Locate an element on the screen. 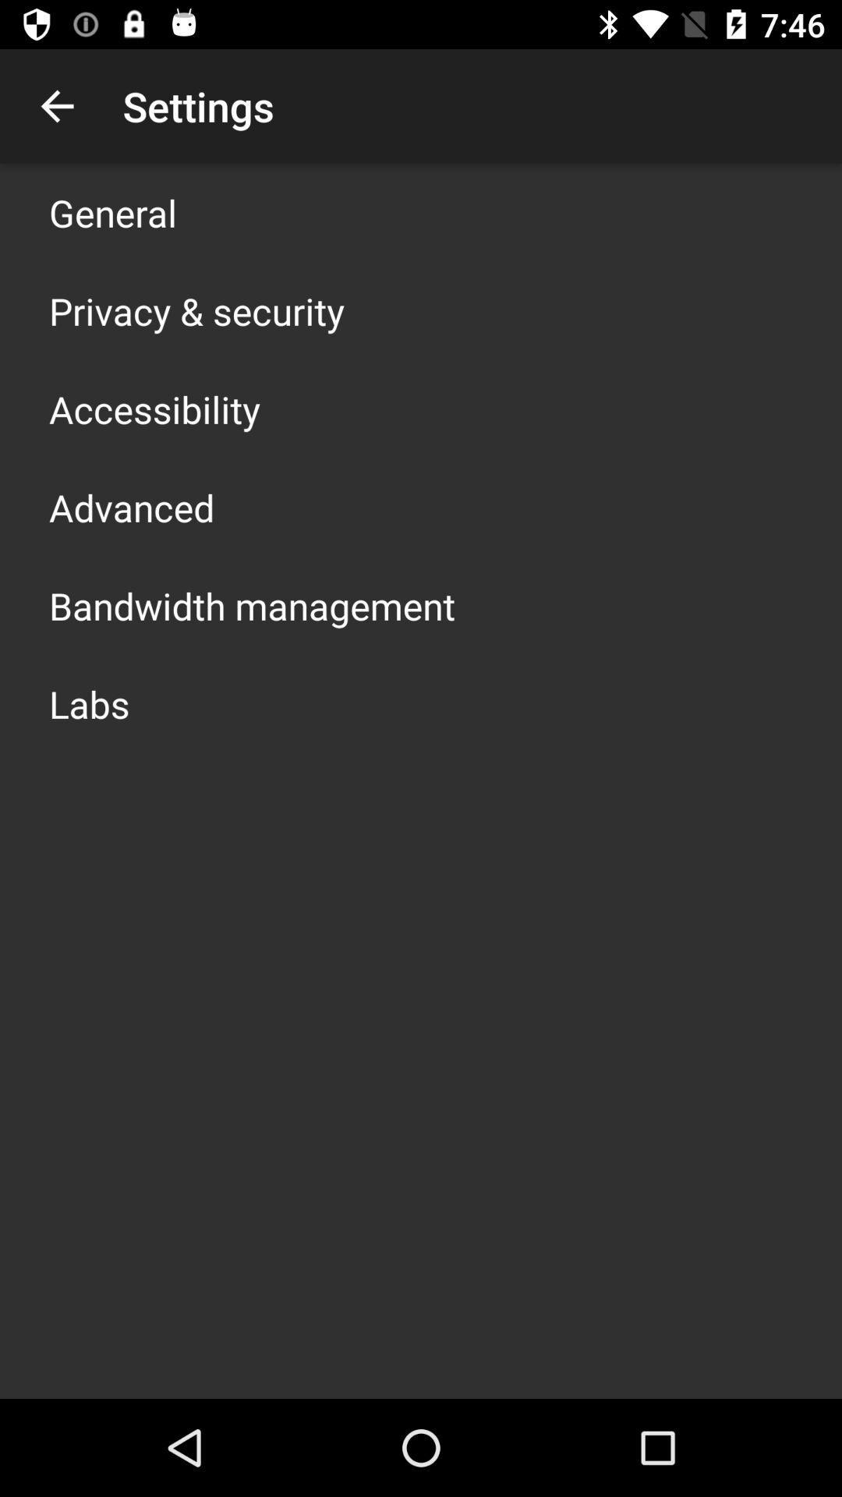 This screenshot has width=842, height=1497. accessibility app is located at coordinates (154, 409).